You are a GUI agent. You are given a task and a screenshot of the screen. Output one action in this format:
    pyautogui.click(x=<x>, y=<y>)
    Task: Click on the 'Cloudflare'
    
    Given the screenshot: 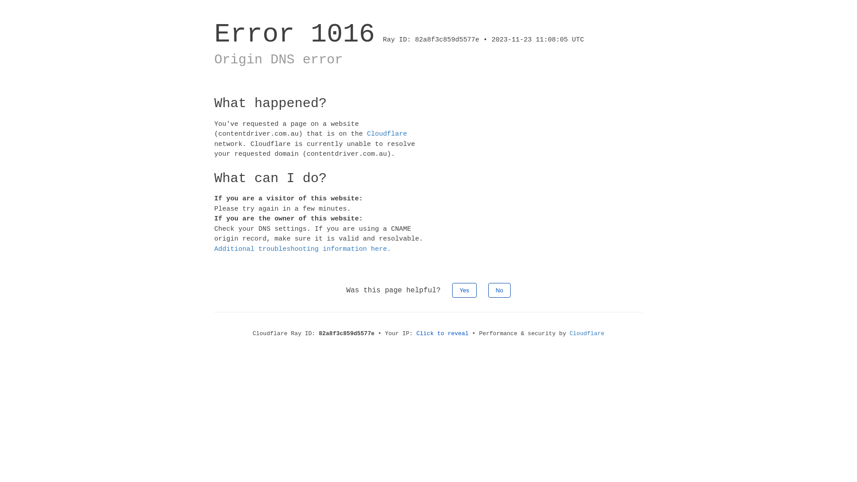 What is the action you would take?
    pyautogui.click(x=569, y=333)
    